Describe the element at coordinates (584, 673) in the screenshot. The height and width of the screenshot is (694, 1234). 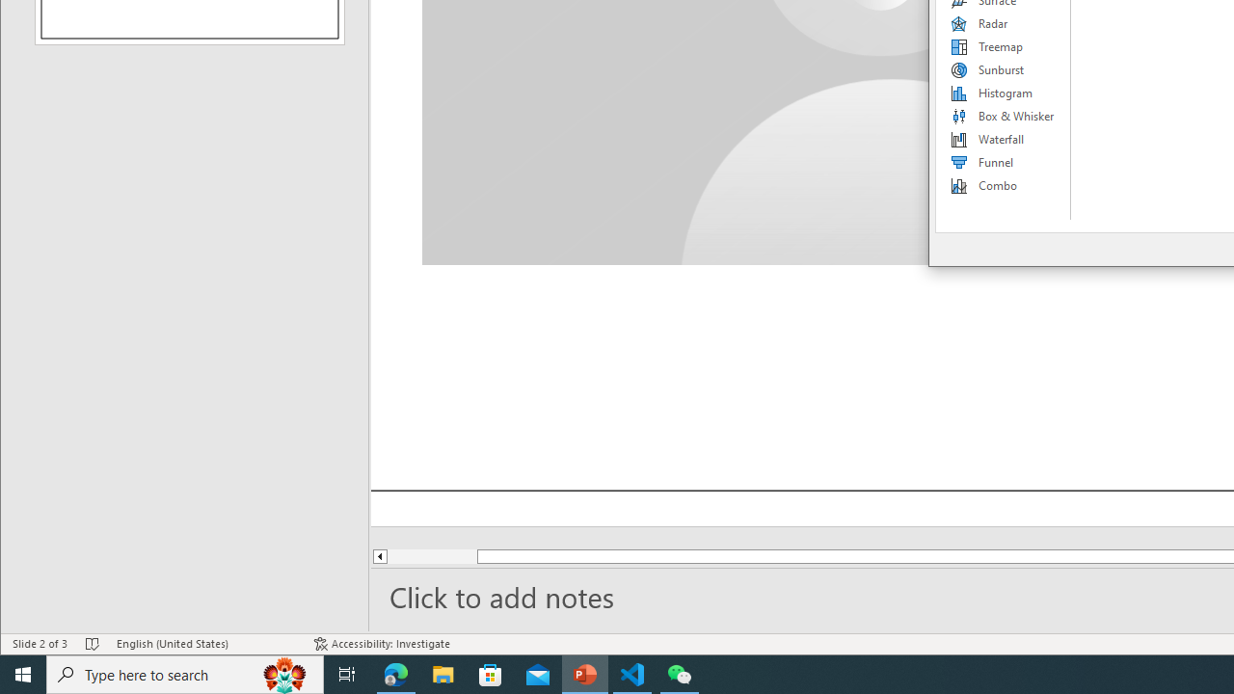
I see `'PowerPoint - 1 running window'` at that location.